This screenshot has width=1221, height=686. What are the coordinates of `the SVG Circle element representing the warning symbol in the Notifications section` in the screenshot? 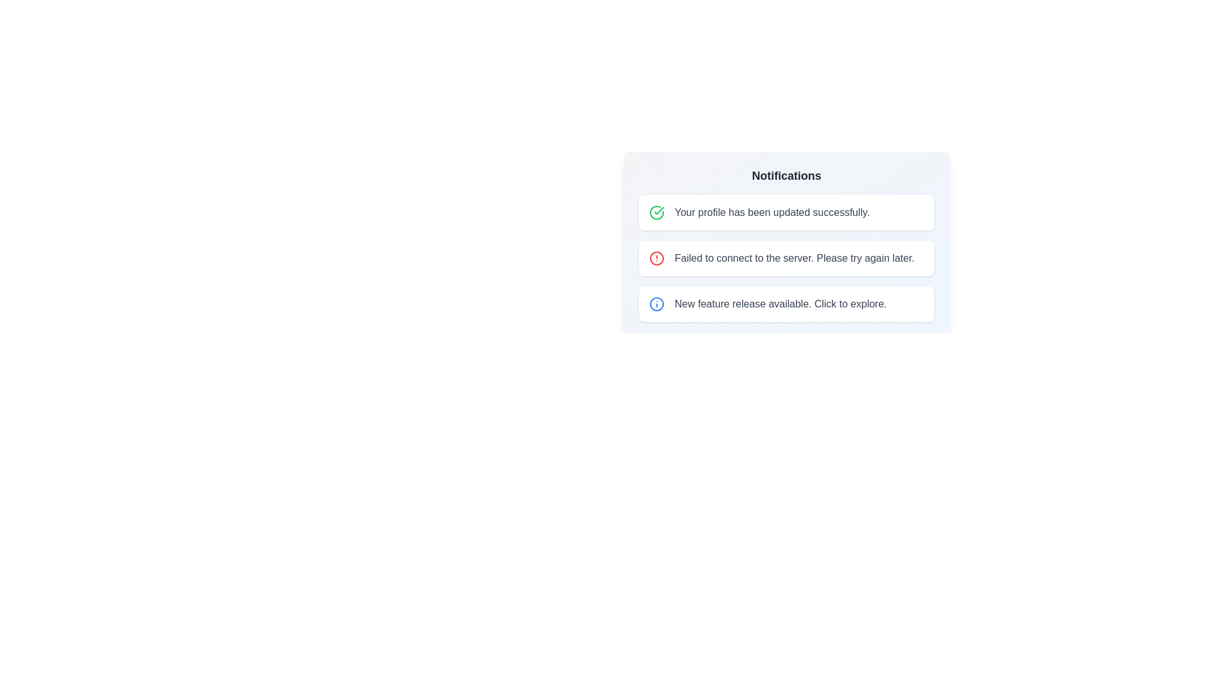 It's located at (656, 258).